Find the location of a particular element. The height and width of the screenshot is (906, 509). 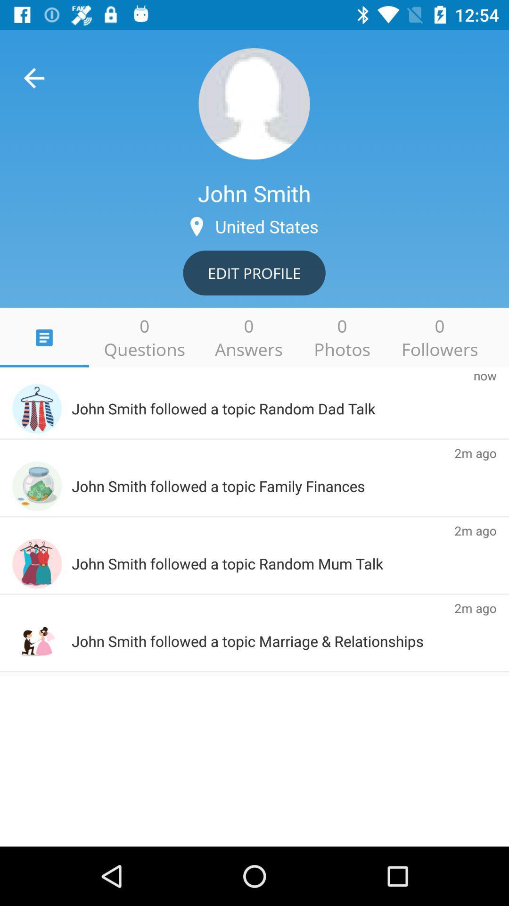

the item below united states is located at coordinates (254, 272).